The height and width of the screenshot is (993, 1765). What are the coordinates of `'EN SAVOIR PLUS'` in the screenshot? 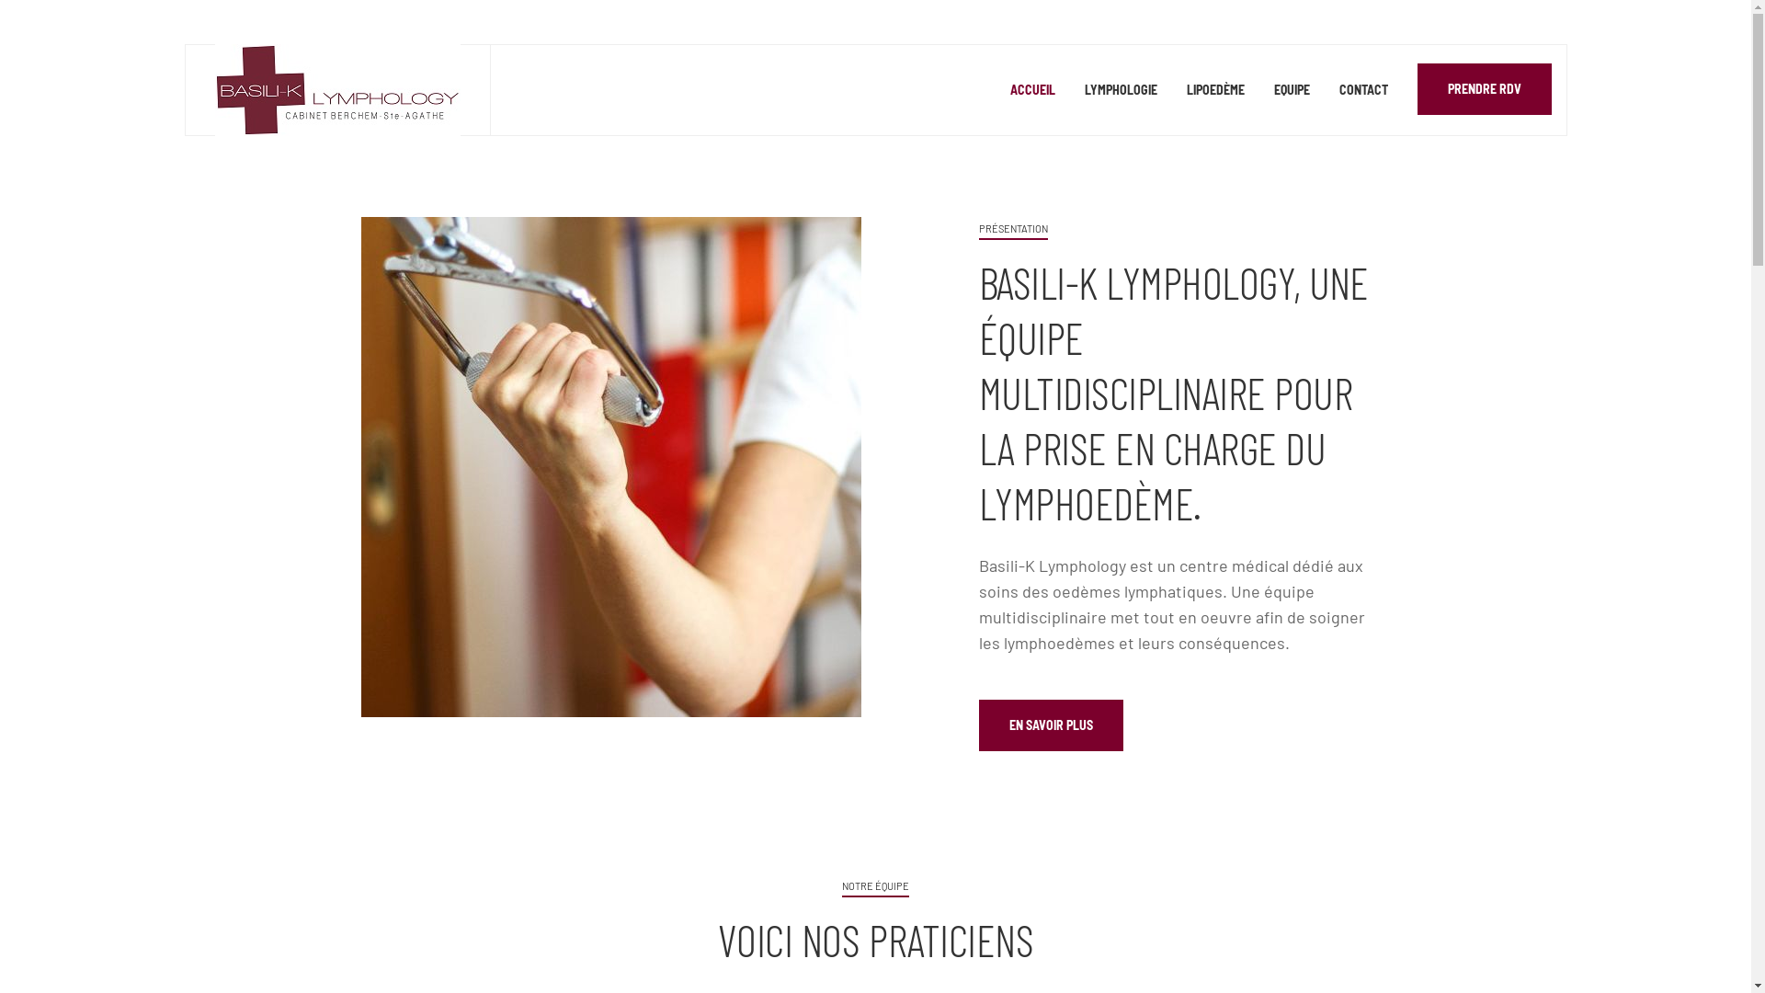 It's located at (1050, 725).